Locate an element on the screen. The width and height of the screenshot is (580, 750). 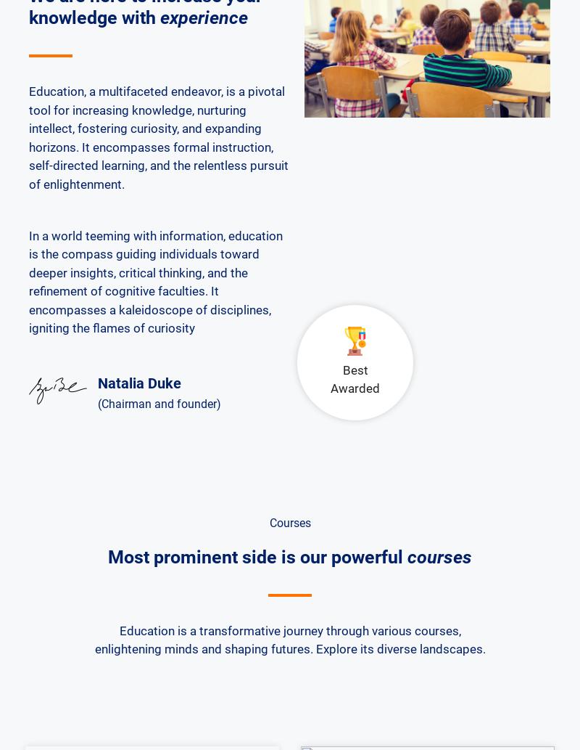
'Courses' is located at coordinates (289, 522).